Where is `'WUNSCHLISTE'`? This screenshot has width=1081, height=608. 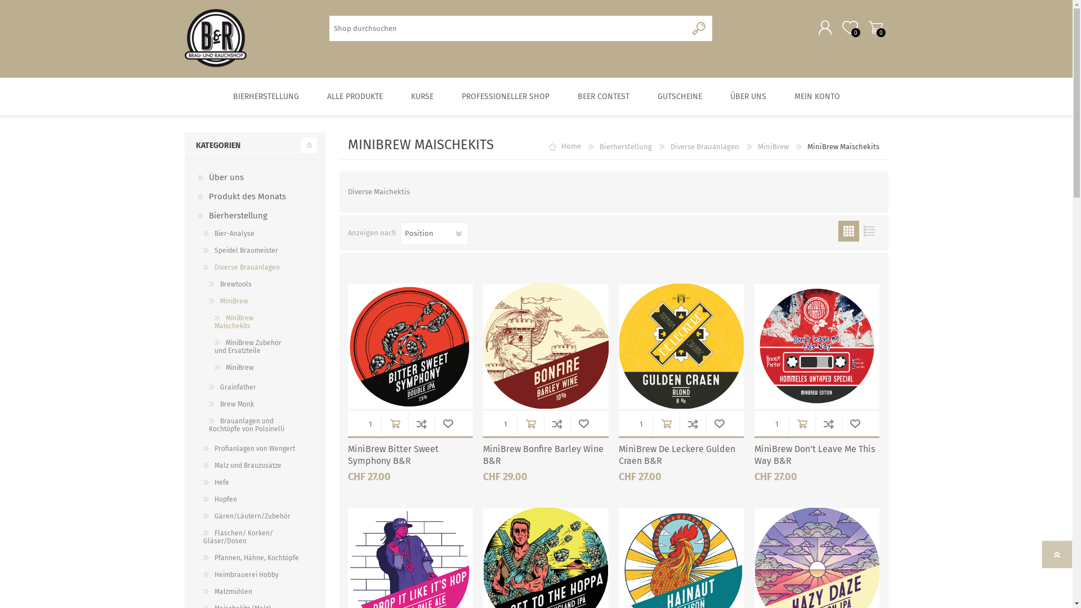
'WUNSCHLISTE' is located at coordinates (855, 423).